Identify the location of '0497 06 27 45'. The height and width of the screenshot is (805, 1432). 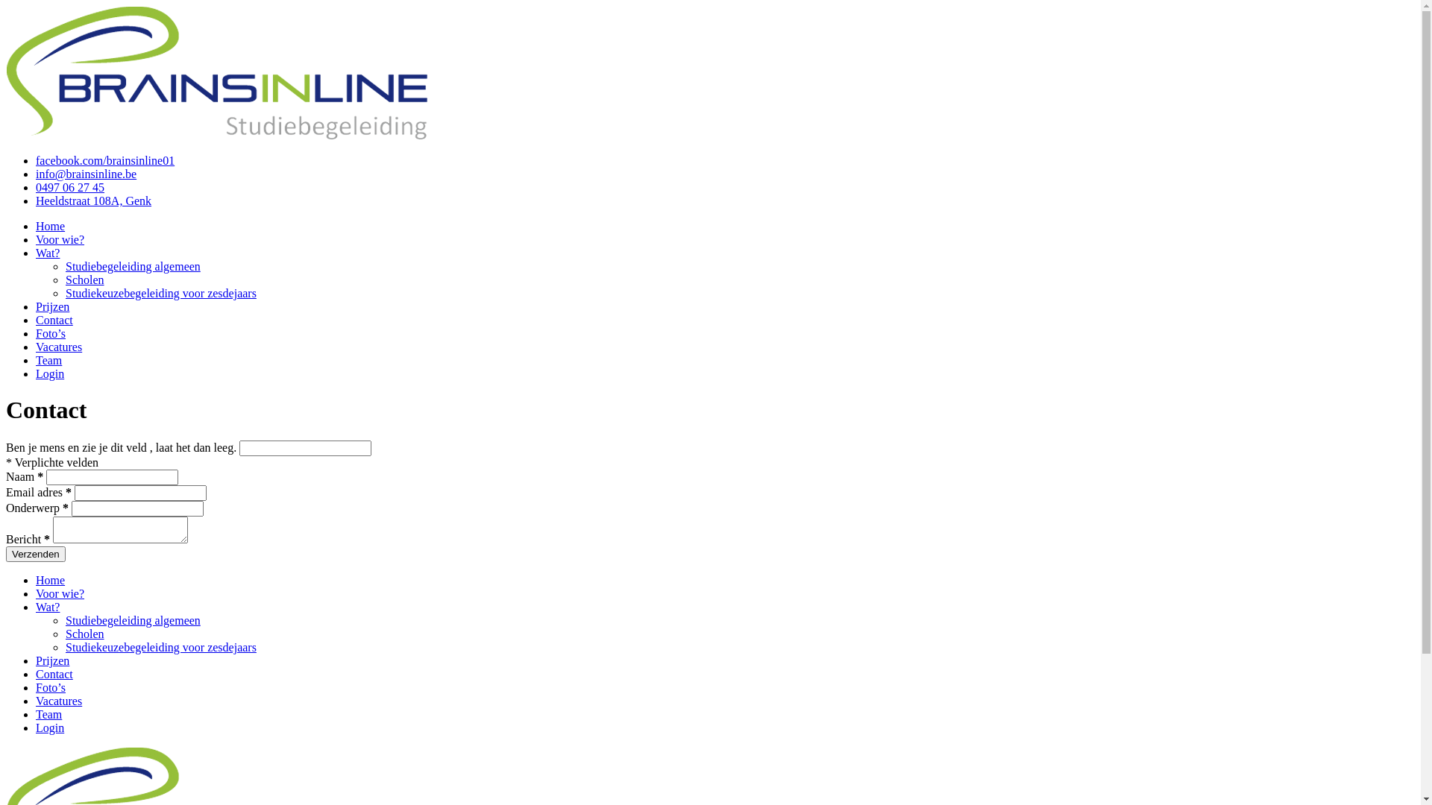
(36, 186).